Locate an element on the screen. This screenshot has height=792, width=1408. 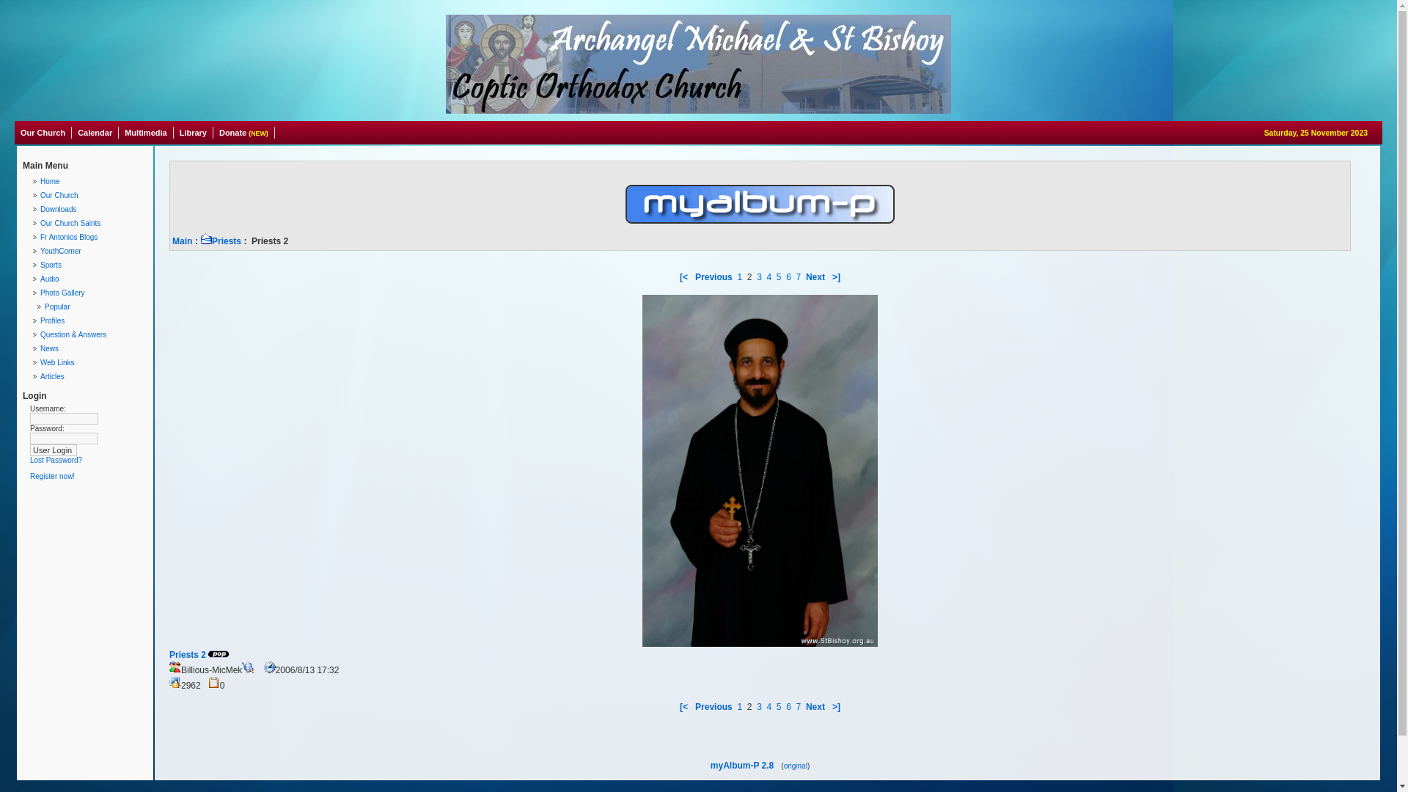
'Main' is located at coordinates (172, 240).